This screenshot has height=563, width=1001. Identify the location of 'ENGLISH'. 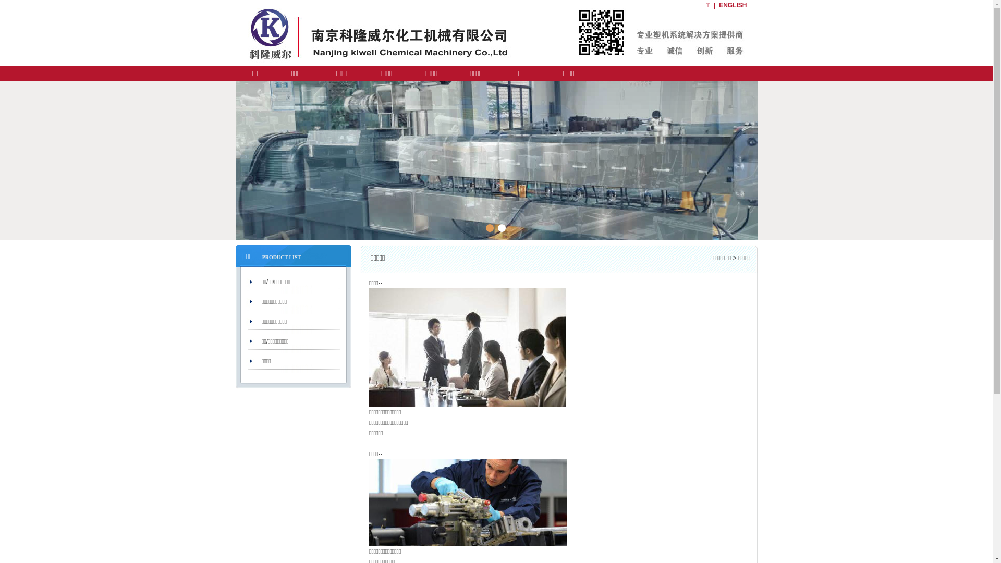
(732, 5).